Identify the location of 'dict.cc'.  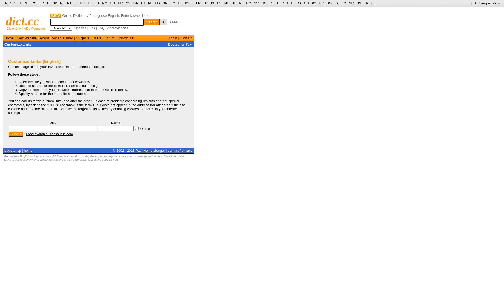
(22, 21).